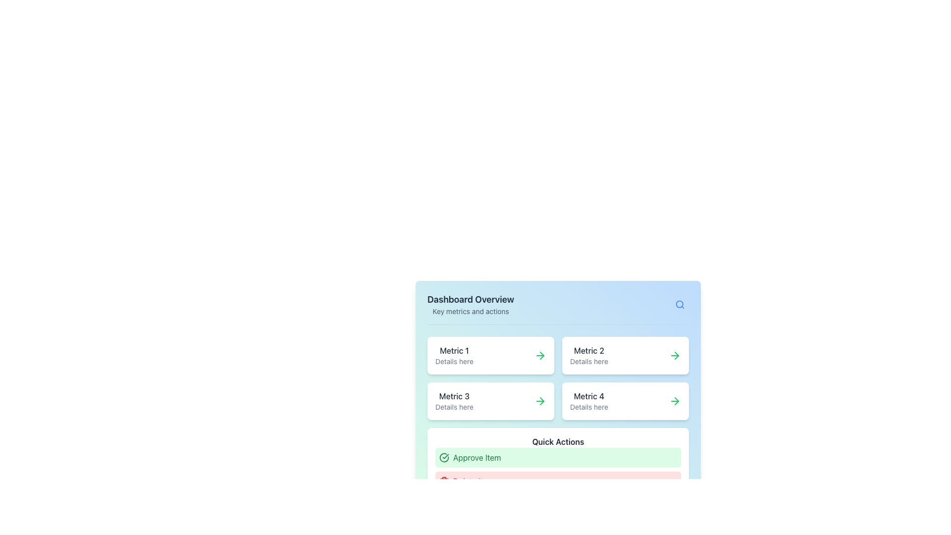 This screenshot has height=535, width=951. I want to click on the 'Metric 4' button located in the bottom-right corner of the grid, so click(625, 401).